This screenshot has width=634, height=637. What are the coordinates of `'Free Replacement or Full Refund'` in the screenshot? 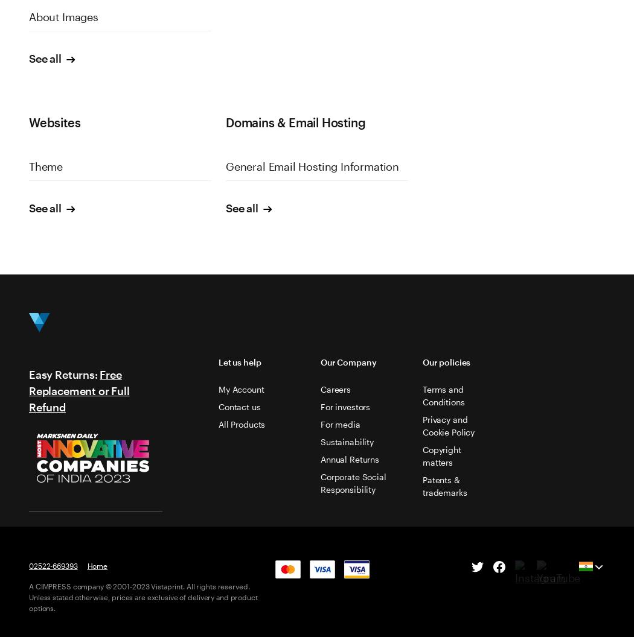 It's located at (78, 390).